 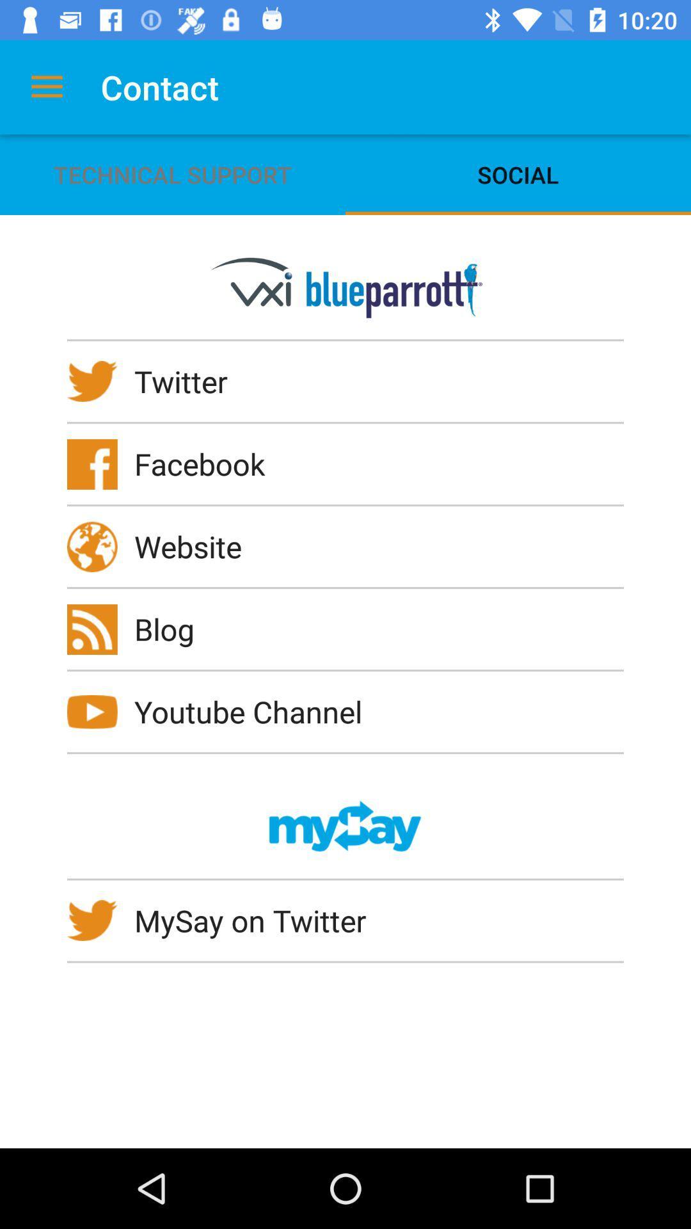 What do you see at coordinates (258, 920) in the screenshot?
I see `the mysay on twitter icon` at bounding box center [258, 920].